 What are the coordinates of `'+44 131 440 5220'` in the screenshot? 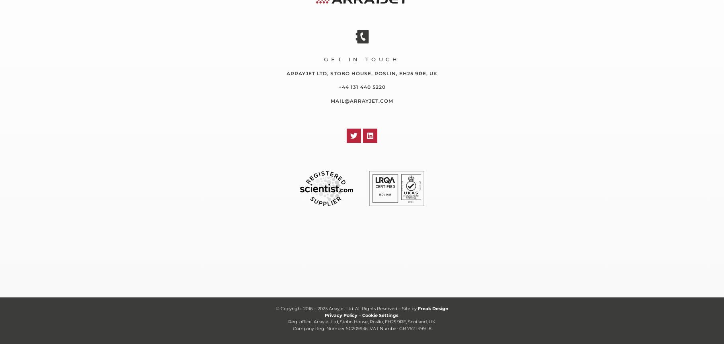 It's located at (361, 87).